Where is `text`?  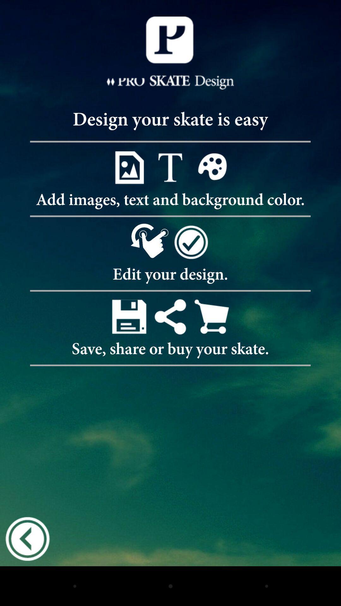
text is located at coordinates (170, 167).